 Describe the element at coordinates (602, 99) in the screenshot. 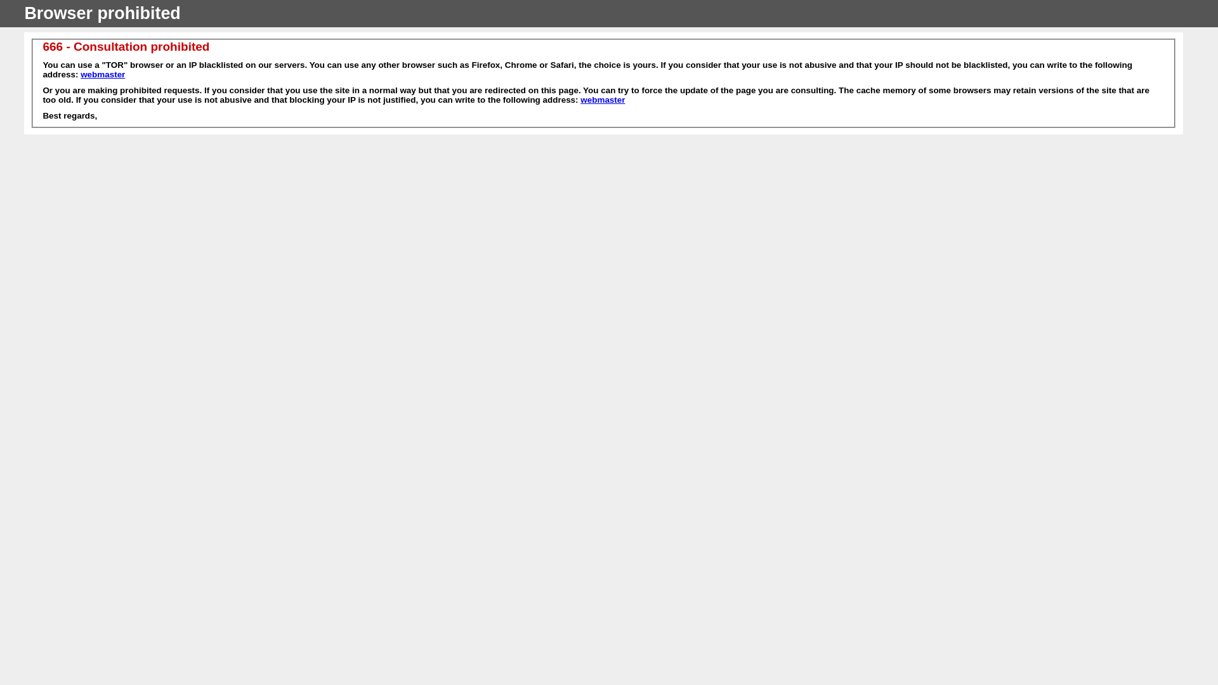

I see `'webmaster'` at that location.